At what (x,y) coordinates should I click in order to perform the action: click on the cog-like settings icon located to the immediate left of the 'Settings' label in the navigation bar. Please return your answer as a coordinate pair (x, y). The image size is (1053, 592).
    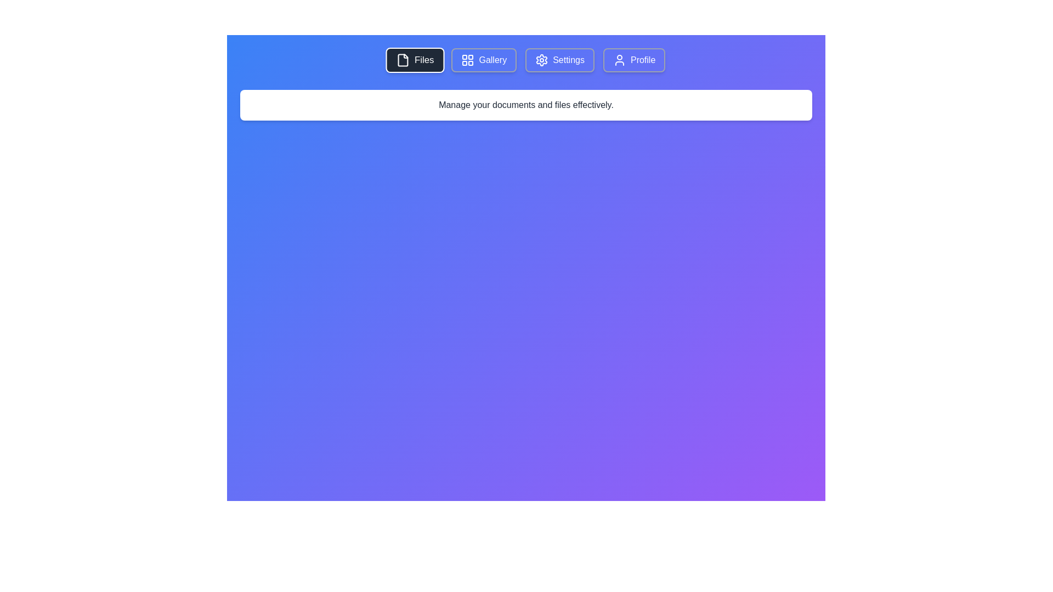
    Looking at the image, I should click on (542, 60).